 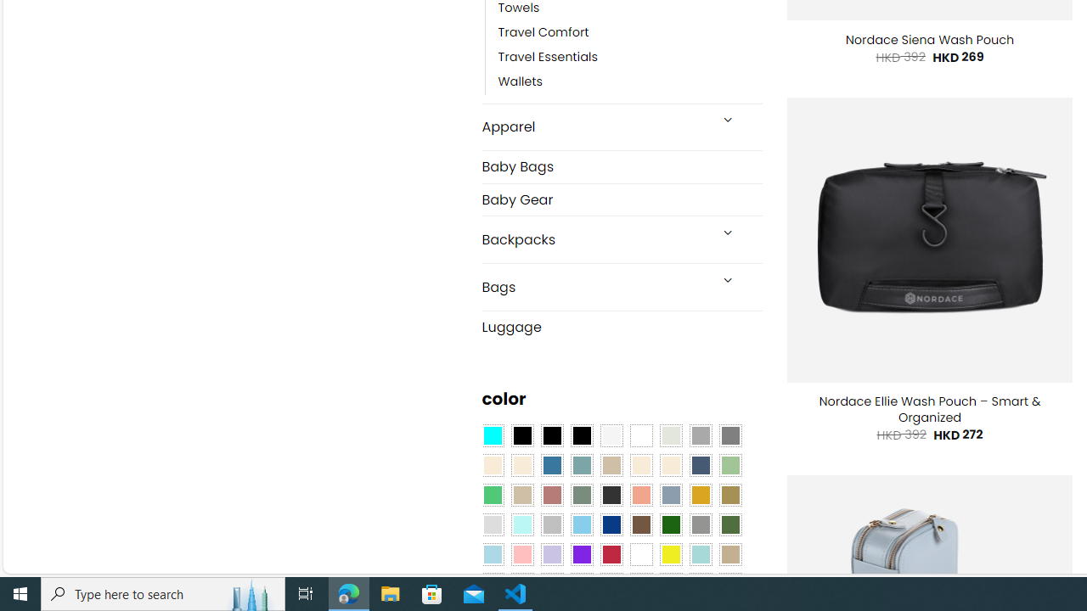 I want to click on 'Dusty Blue', so click(x=669, y=495).